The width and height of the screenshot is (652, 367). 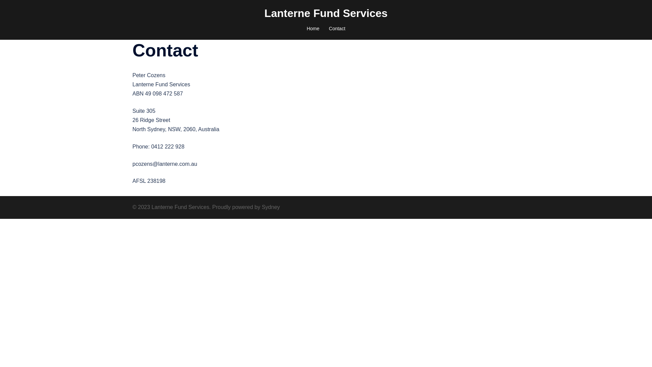 I want to click on 'Sydney', so click(x=270, y=207).